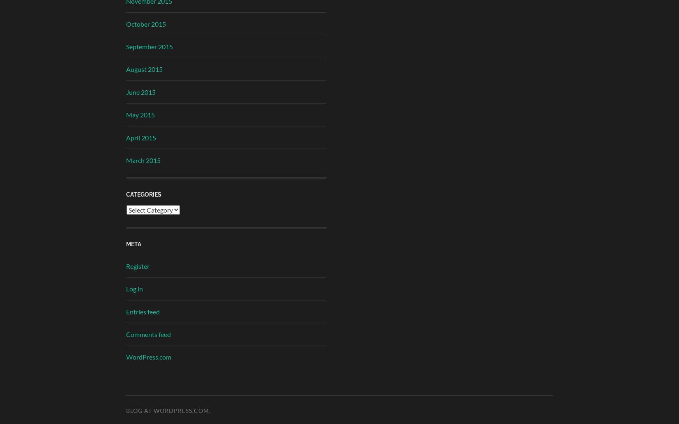  I want to click on 'August 2015', so click(143, 69).